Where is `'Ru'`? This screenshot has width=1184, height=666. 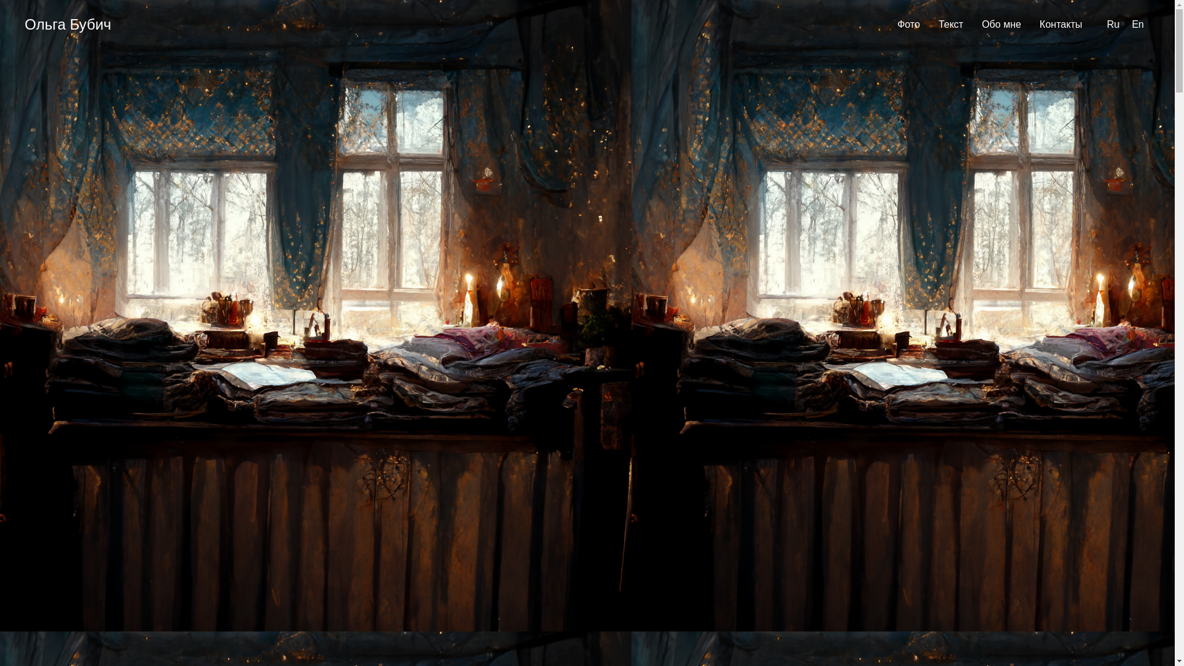 'Ru' is located at coordinates (1112, 24).